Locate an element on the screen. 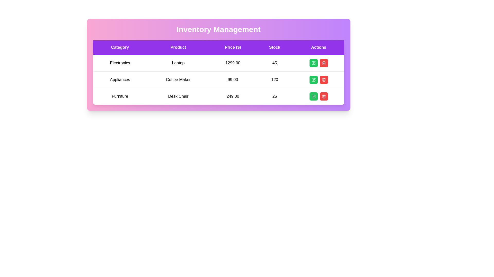 The width and height of the screenshot is (494, 277). the Text Display element with a purple background displaying 'Actions', located in the top-right portion of the table header row is located at coordinates (318, 47).